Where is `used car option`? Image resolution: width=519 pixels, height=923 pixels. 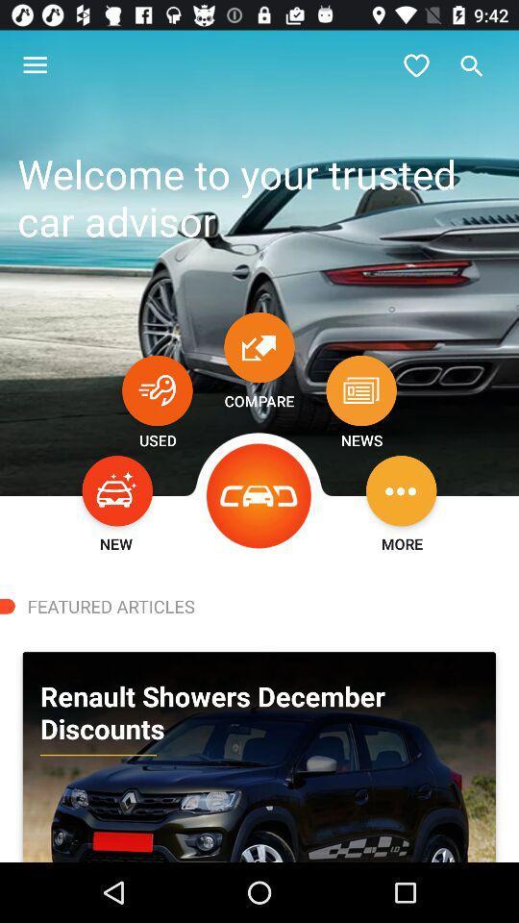 used car option is located at coordinates (156, 389).